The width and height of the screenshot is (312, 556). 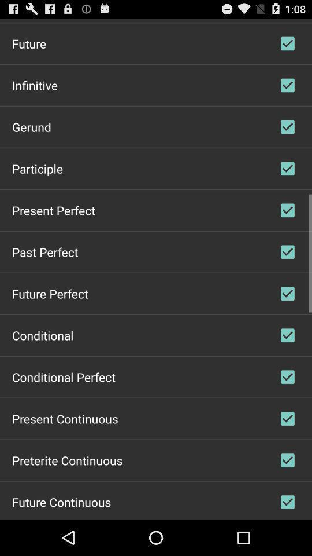 I want to click on future perfect item, so click(x=49, y=292).